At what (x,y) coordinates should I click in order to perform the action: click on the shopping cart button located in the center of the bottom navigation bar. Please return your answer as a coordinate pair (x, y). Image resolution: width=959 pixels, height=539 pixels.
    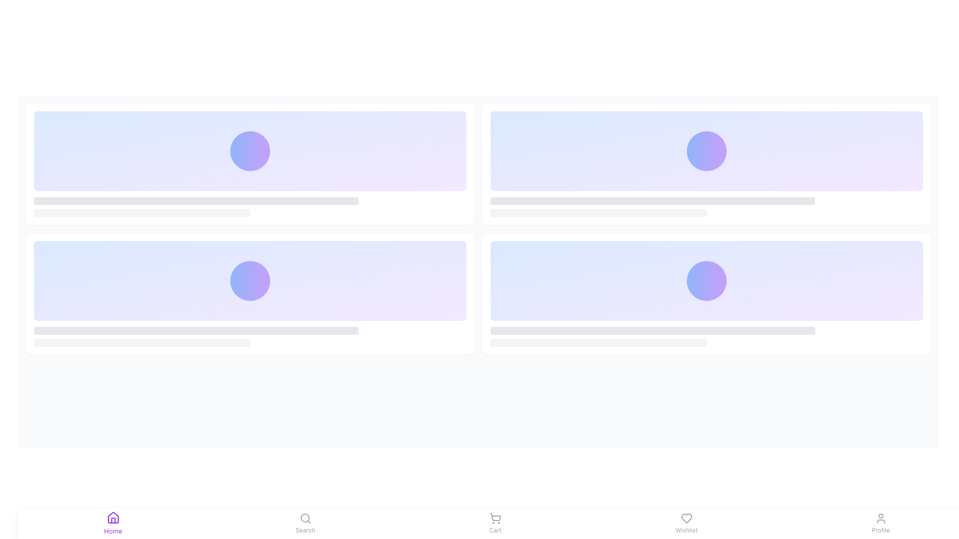
    Looking at the image, I should click on (495, 523).